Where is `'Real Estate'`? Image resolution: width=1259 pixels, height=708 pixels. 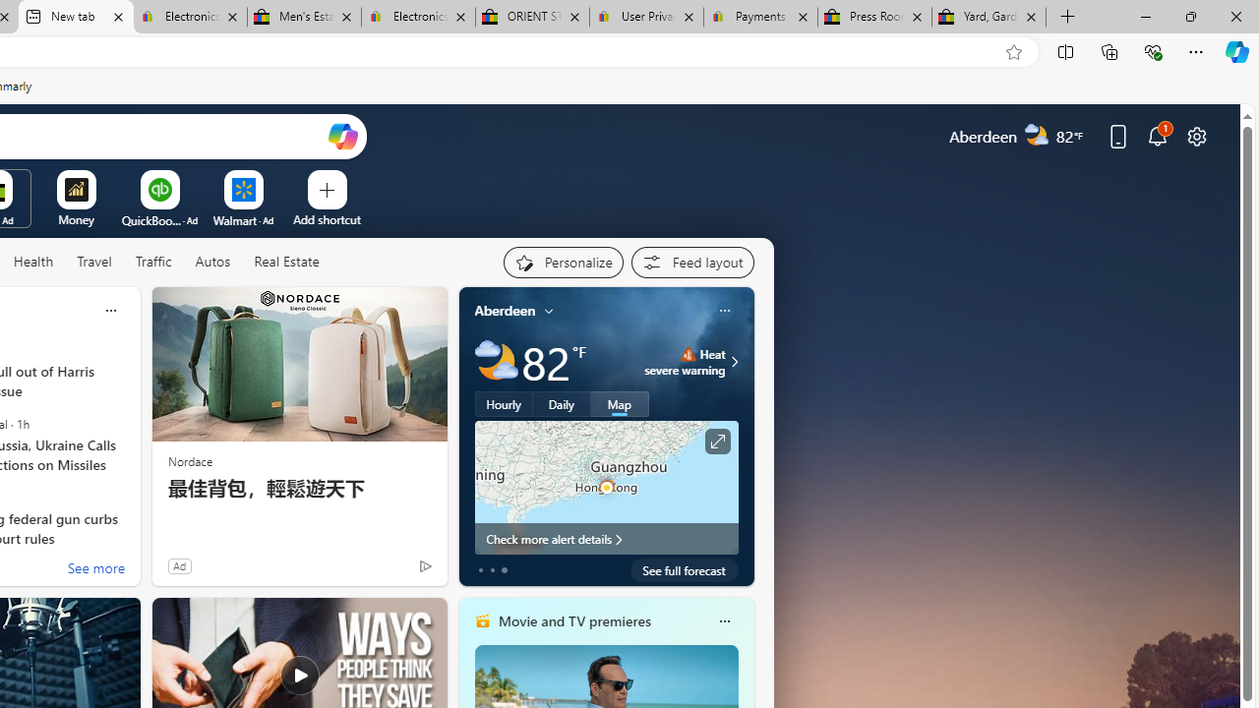 'Real Estate' is located at coordinates (285, 262).